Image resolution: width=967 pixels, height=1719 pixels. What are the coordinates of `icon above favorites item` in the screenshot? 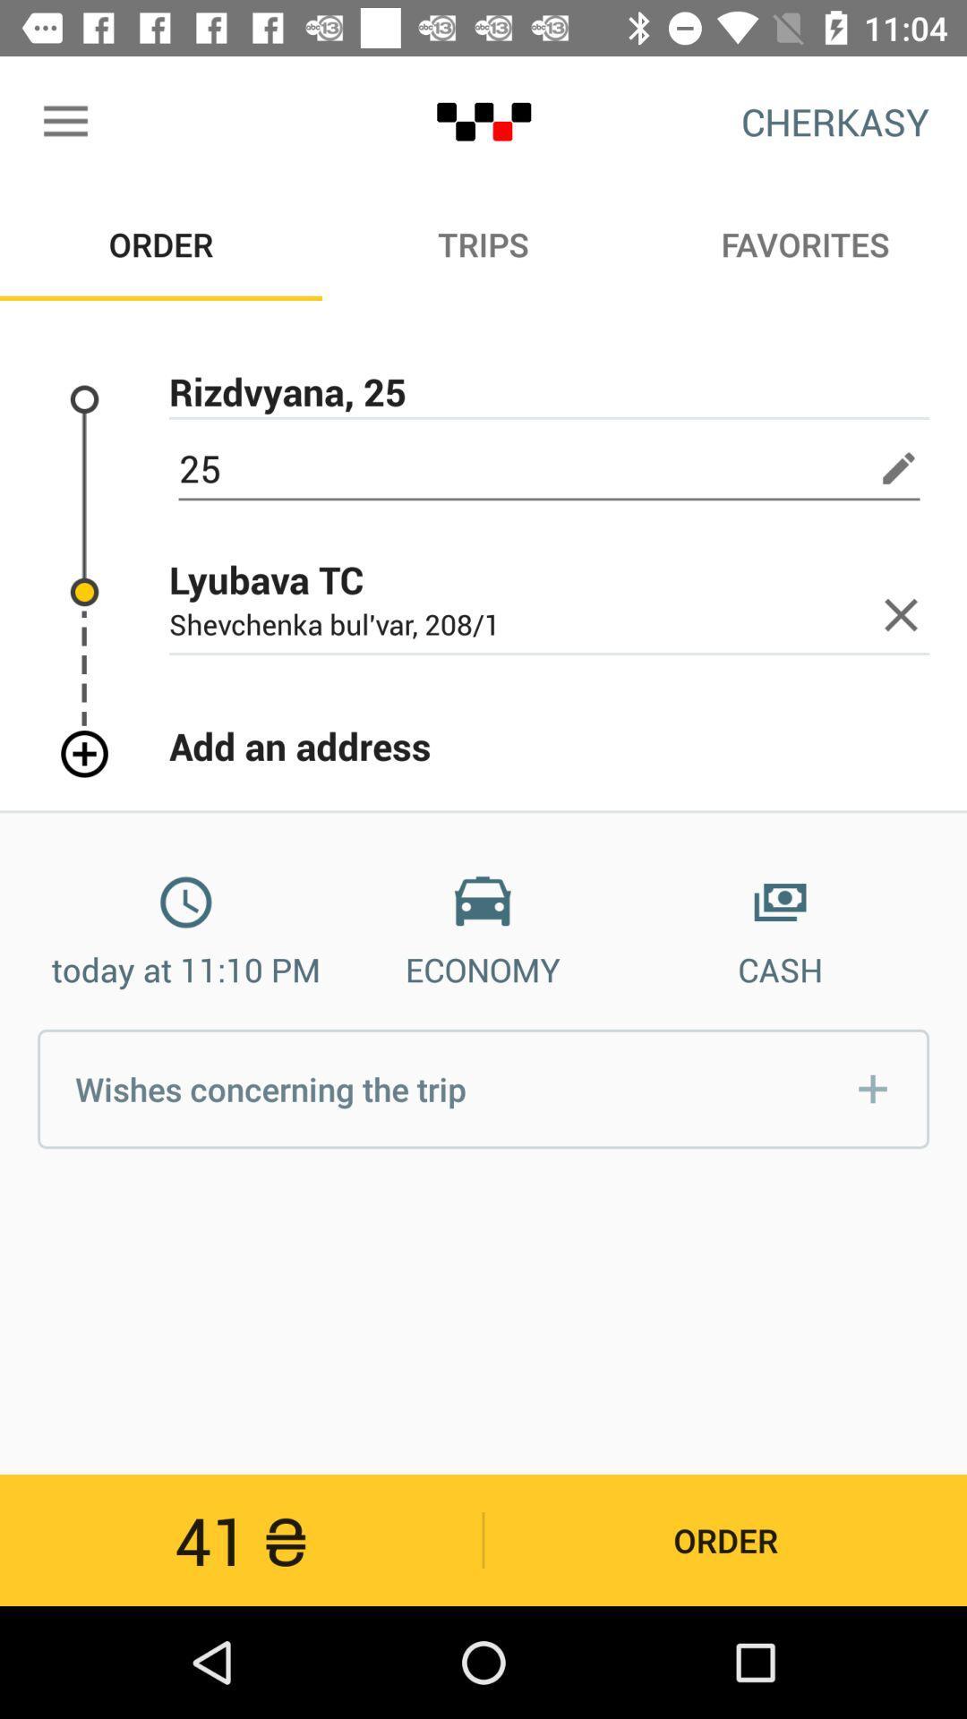 It's located at (835, 121).